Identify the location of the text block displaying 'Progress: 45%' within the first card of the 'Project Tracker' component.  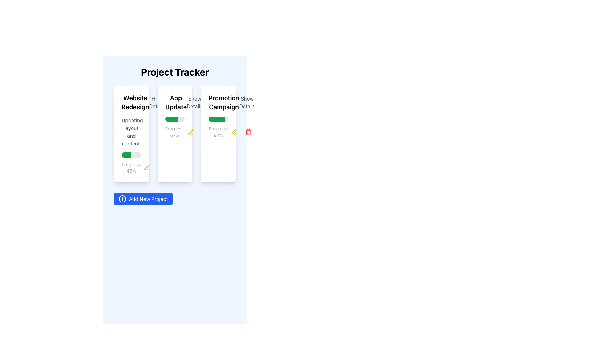
(131, 168).